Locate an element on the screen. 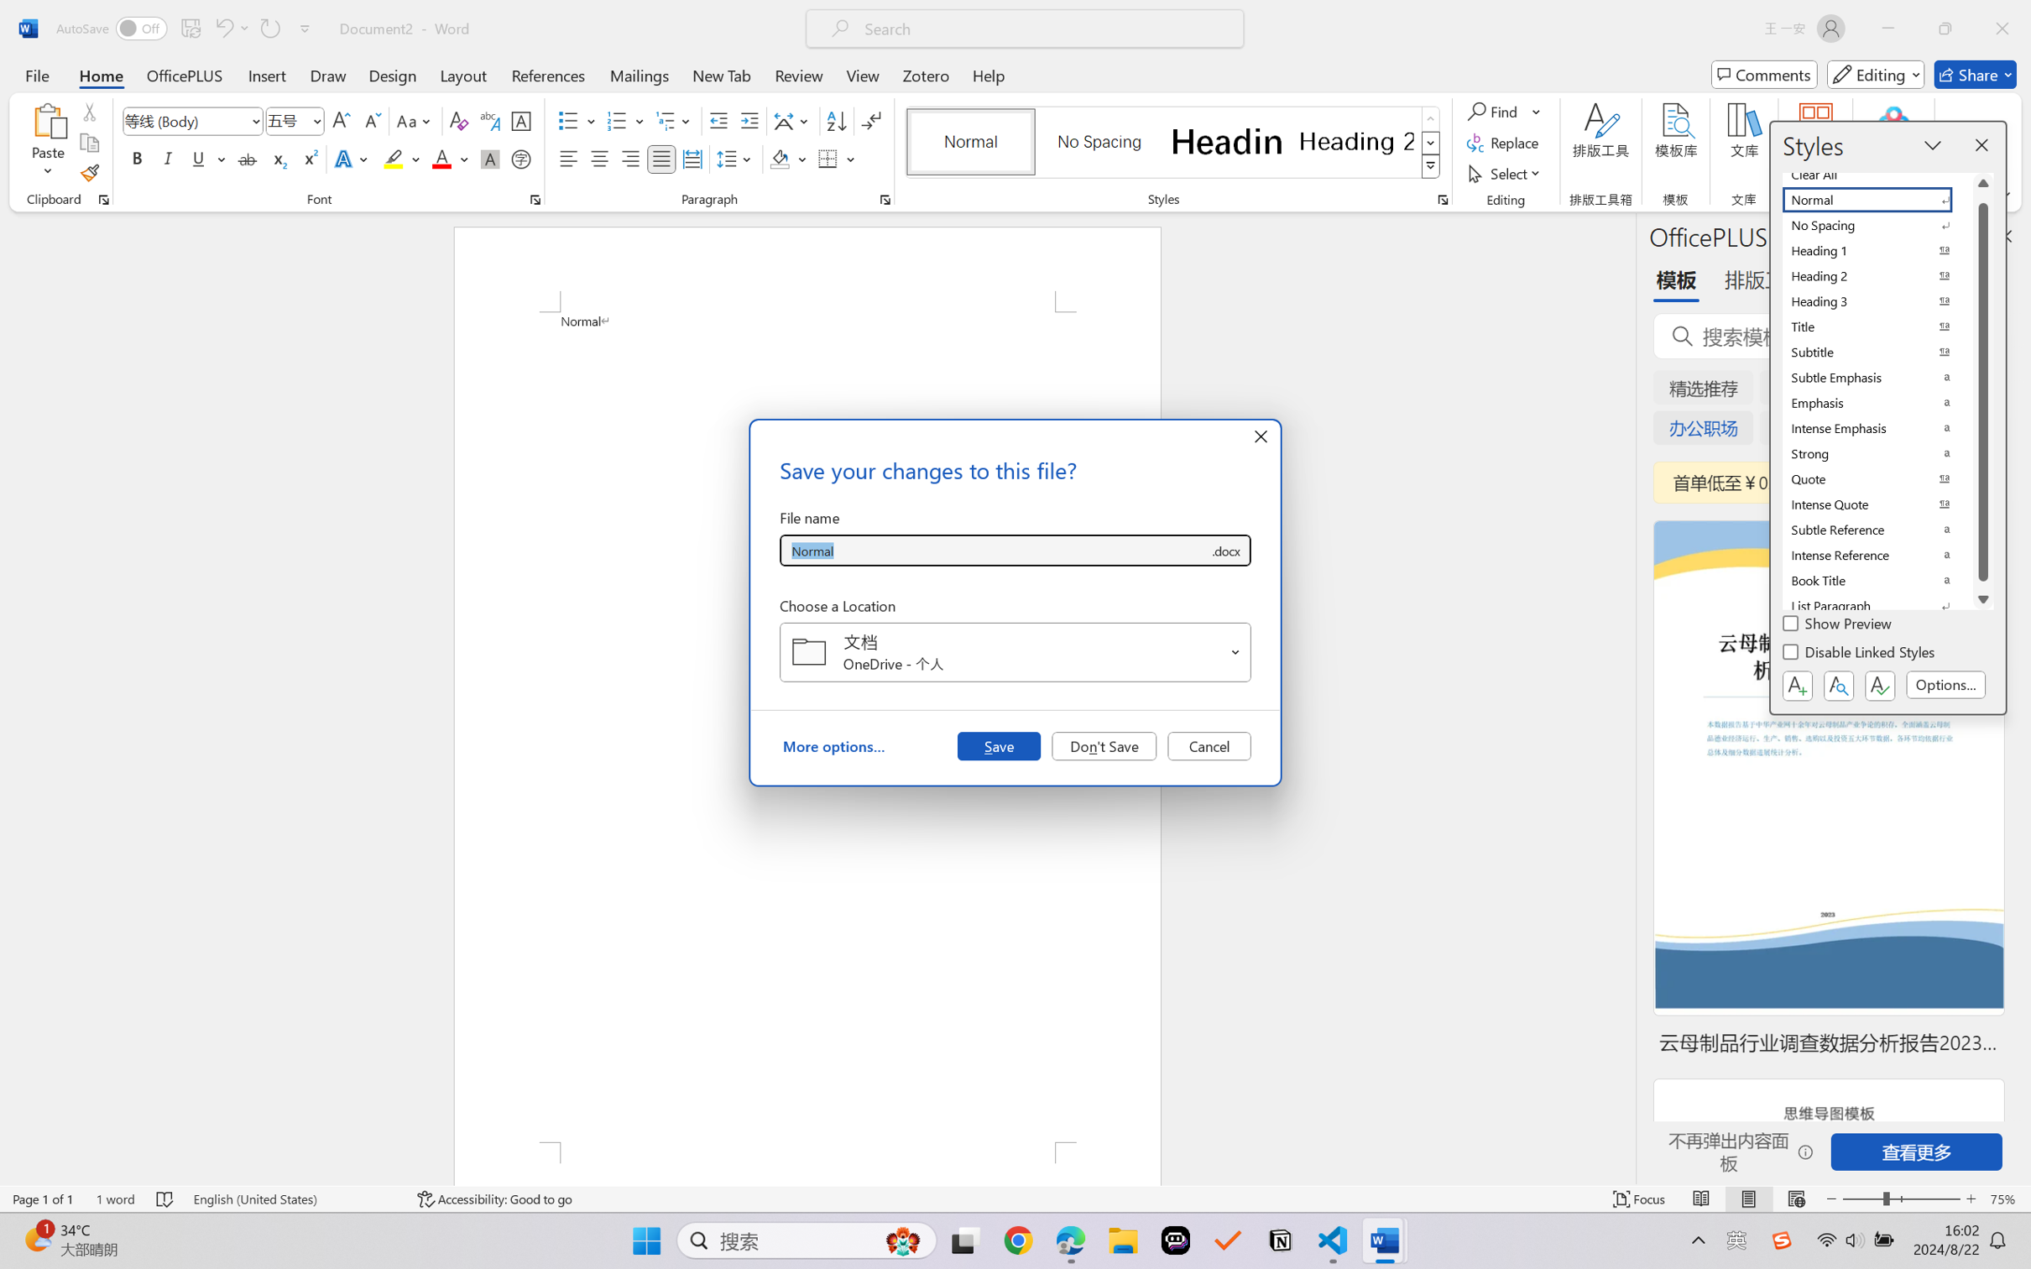 The height and width of the screenshot is (1269, 2031). 'Don' is located at coordinates (1104, 744).